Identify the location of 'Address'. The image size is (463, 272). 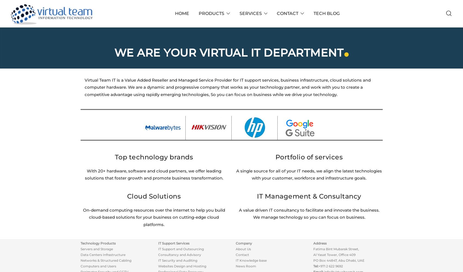
(313, 243).